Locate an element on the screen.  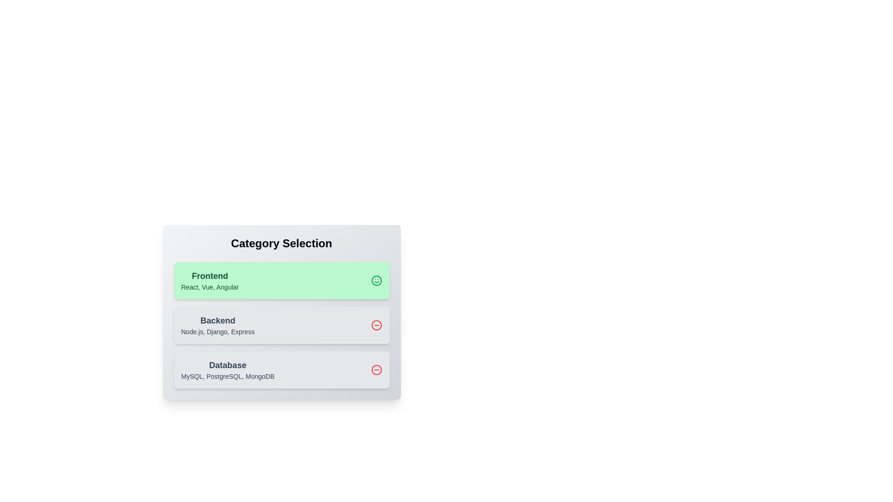
the category Frontend by clicking on its chip is located at coordinates (281, 280).